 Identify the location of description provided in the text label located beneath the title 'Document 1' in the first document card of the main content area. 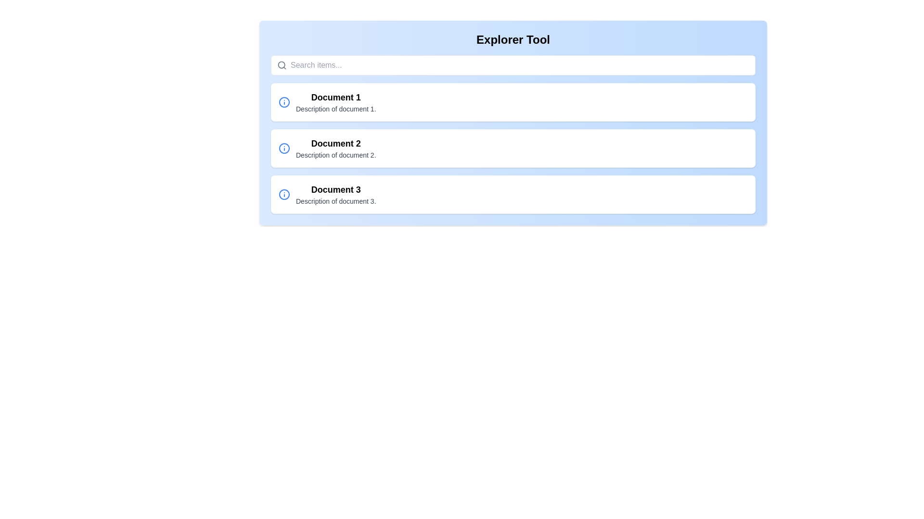
(336, 109).